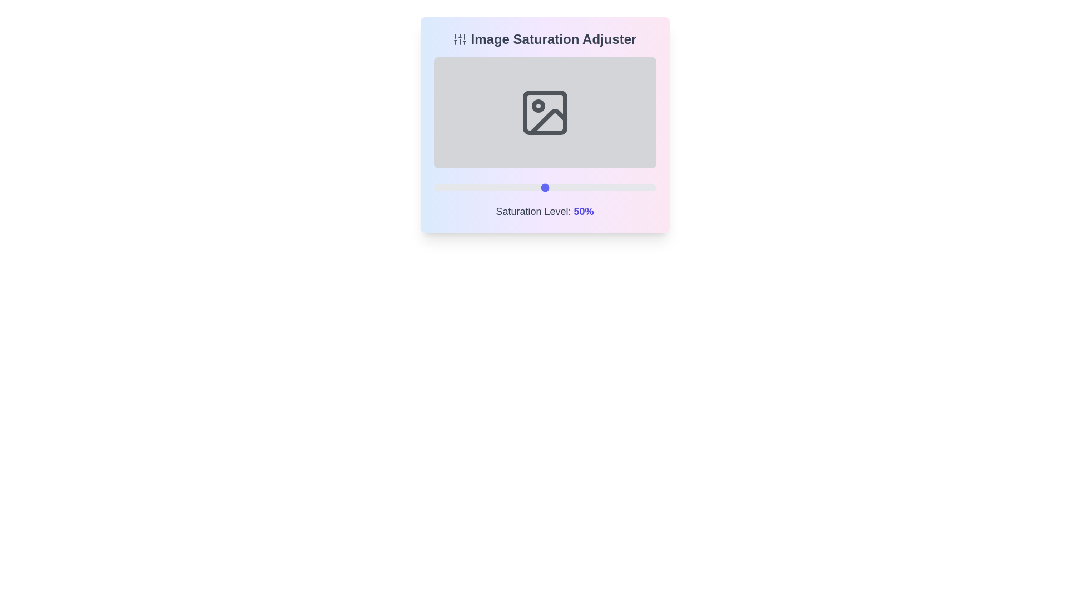  I want to click on the saturation slider to set the saturation level to 16, so click(469, 187).